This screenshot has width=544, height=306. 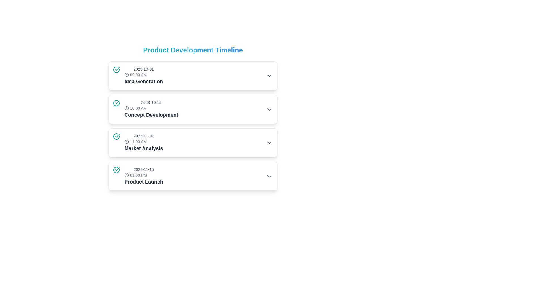 I want to click on the chevron icon located to the far right of the '2023-10-15 10:00 AM Concept Development' section, so click(x=269, y=109).